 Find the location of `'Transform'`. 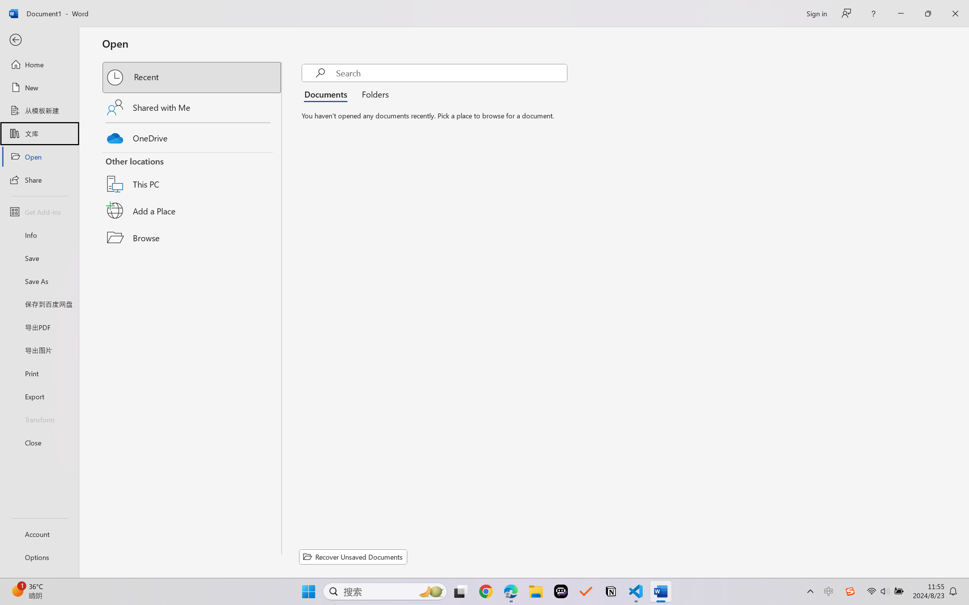

'Transform' is located at coordinates (39, 419).